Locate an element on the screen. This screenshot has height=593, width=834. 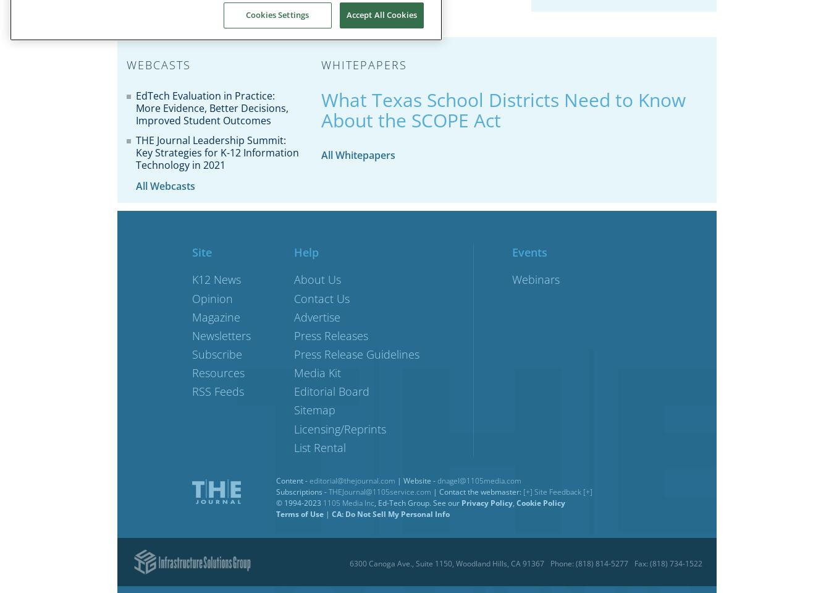
'Phone: (818) 814-5277' is located at coordinates (589, 563).